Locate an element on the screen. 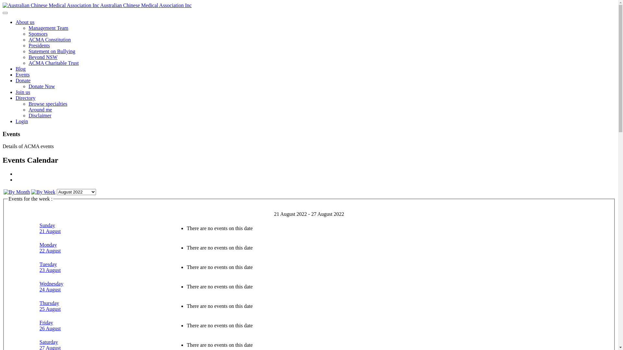  'Sunday is located at coordinates (50, 228).